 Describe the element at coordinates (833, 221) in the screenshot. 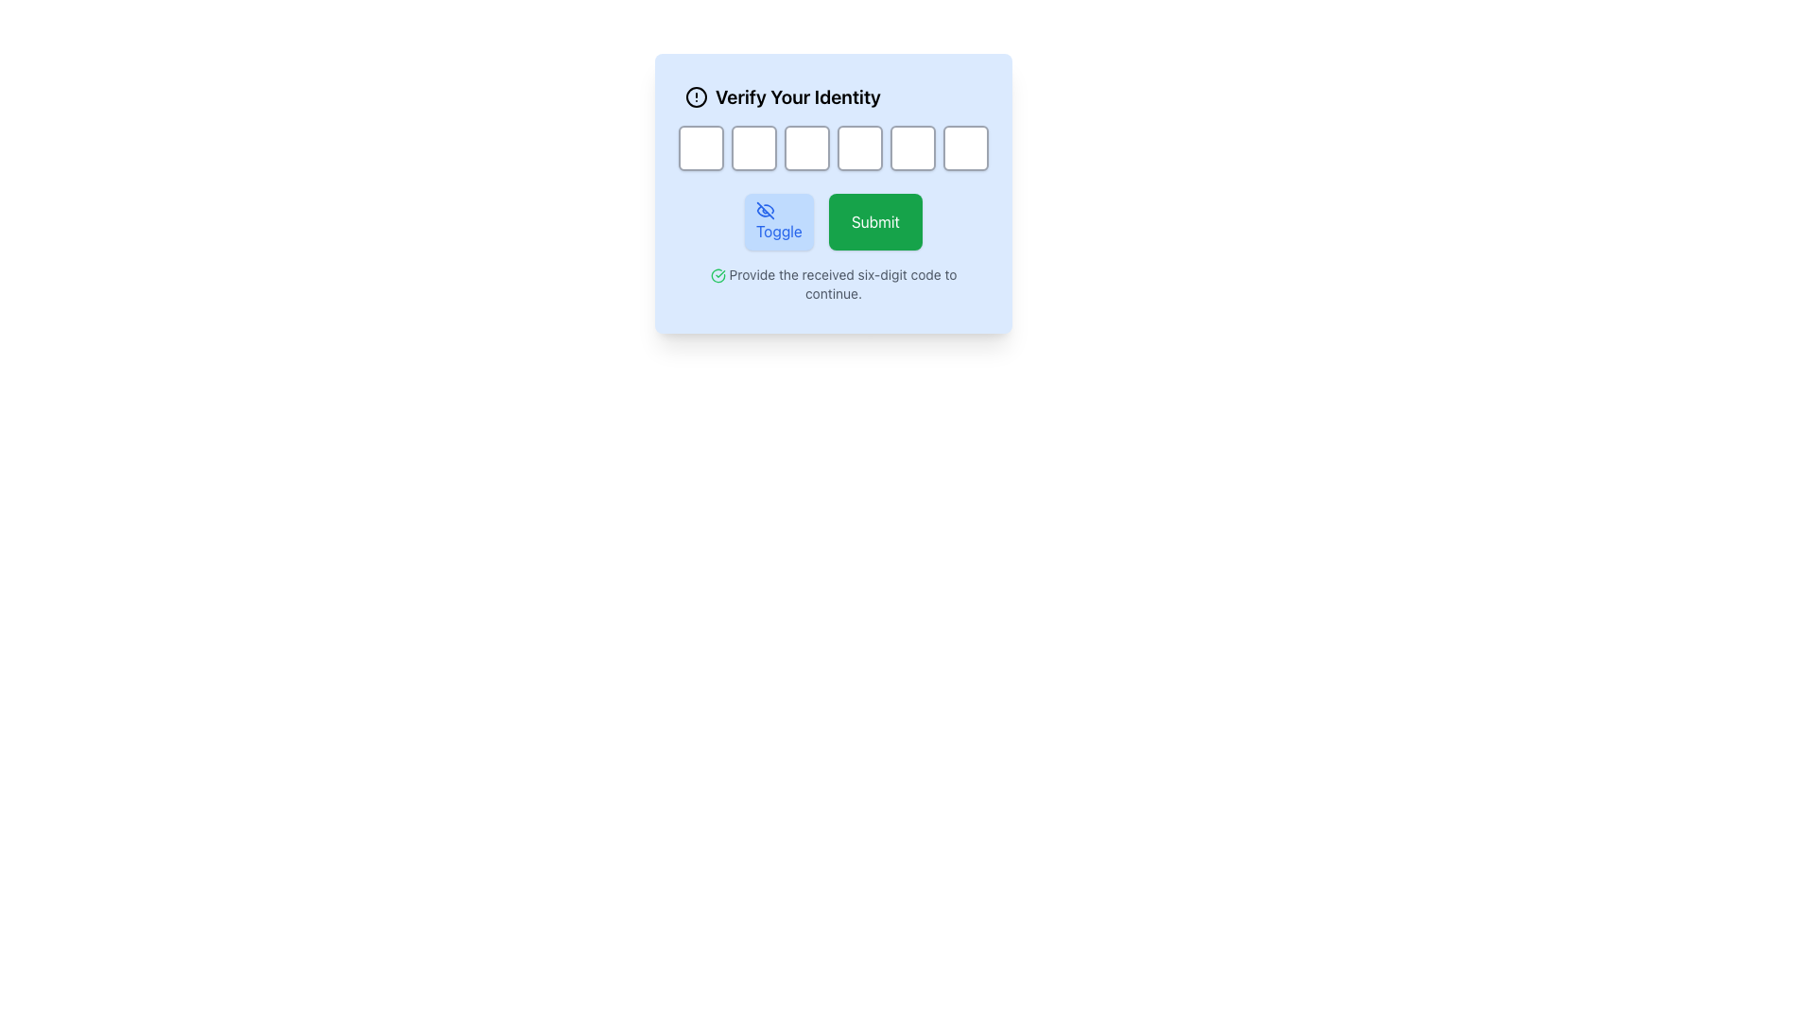

I see `the Submit button located within the composite element containing two buttons, positioned below the text input fields for the six-digit code entry` at that location.